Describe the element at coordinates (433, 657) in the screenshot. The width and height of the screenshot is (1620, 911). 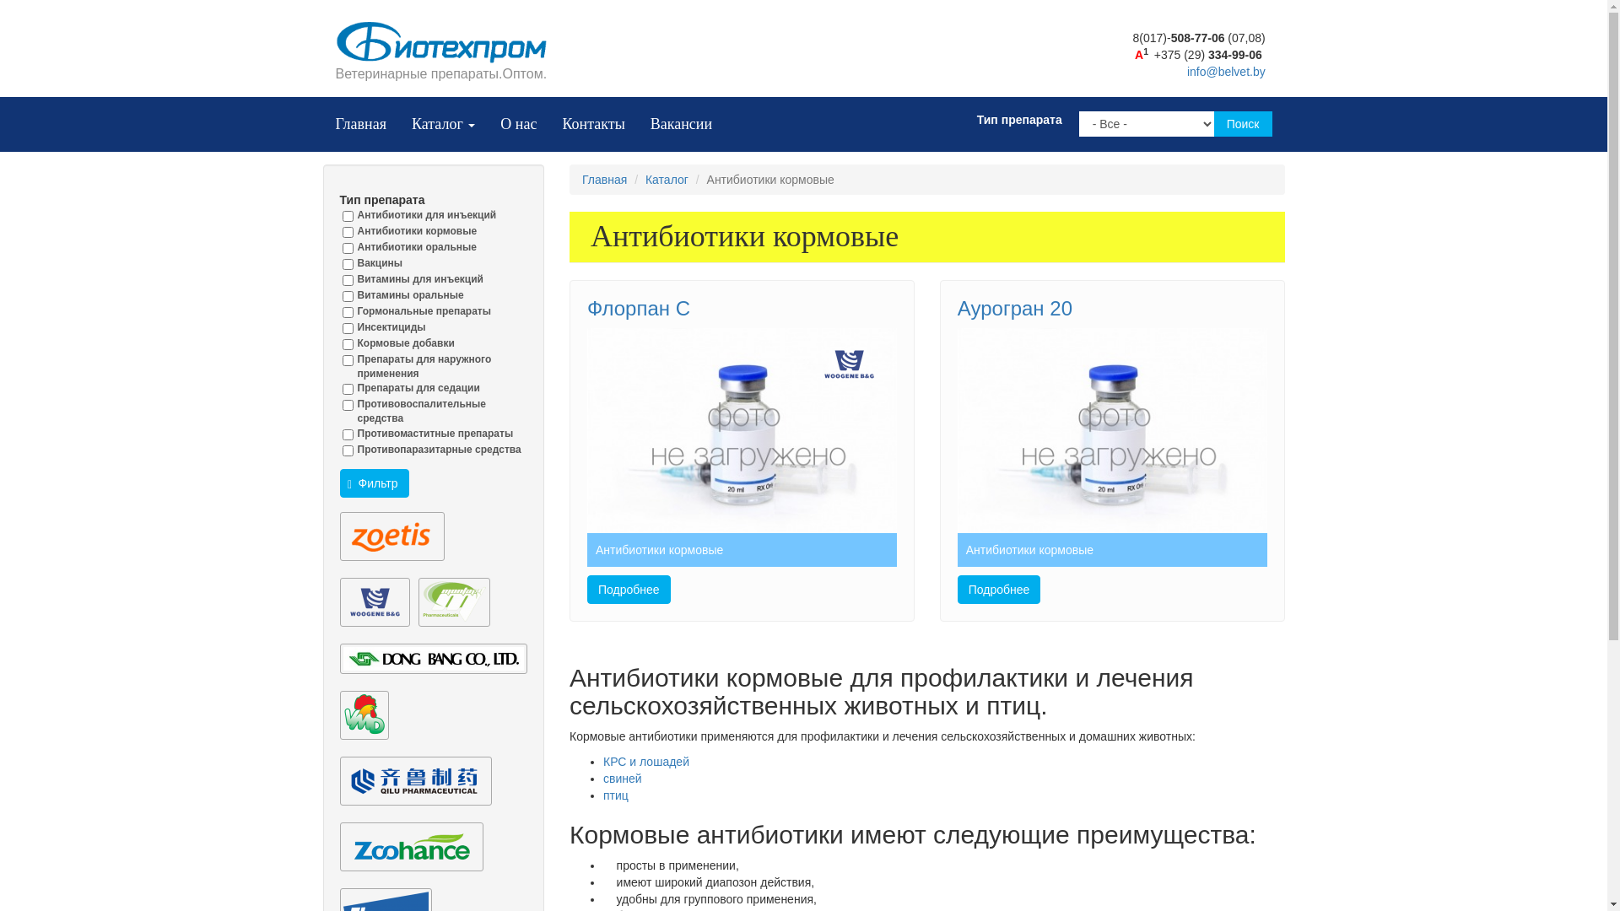
I see `'DONG BANG'` at that location.